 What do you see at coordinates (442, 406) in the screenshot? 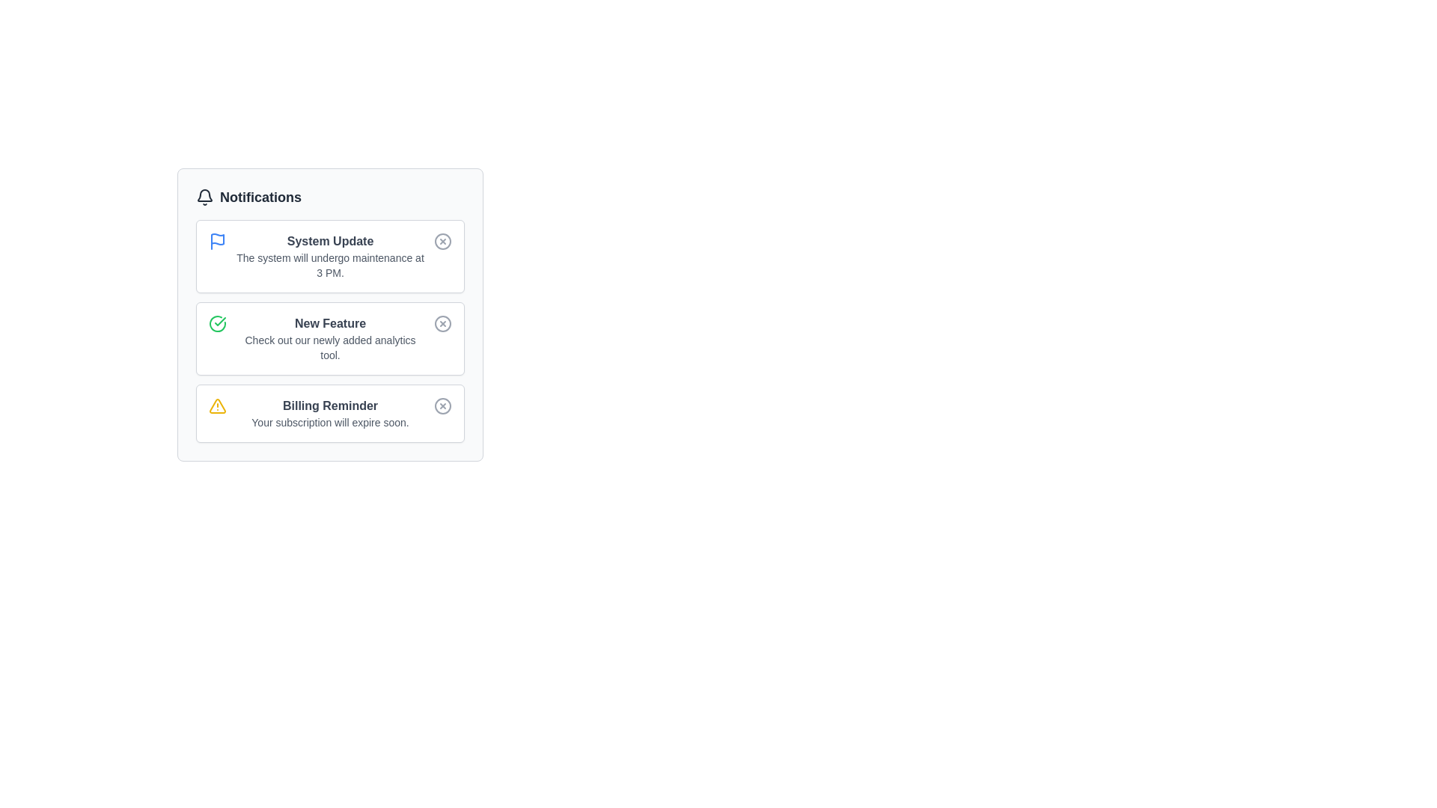
I see `the close button at the top-right corner of the 'Billing Reminder' notification` at bounding box center [442, 406].